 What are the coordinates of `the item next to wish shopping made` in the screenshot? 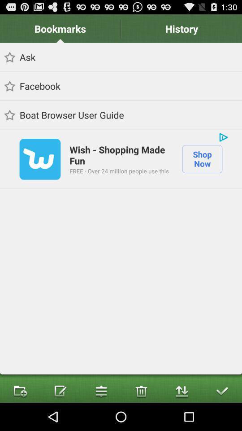 It's located at (39, 159).